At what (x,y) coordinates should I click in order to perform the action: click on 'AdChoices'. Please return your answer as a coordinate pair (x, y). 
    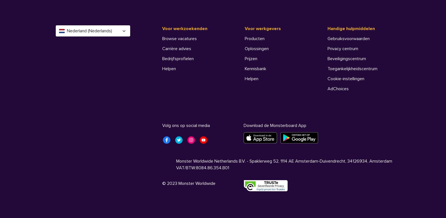
    Looking at the image, I should click on (338, 89).